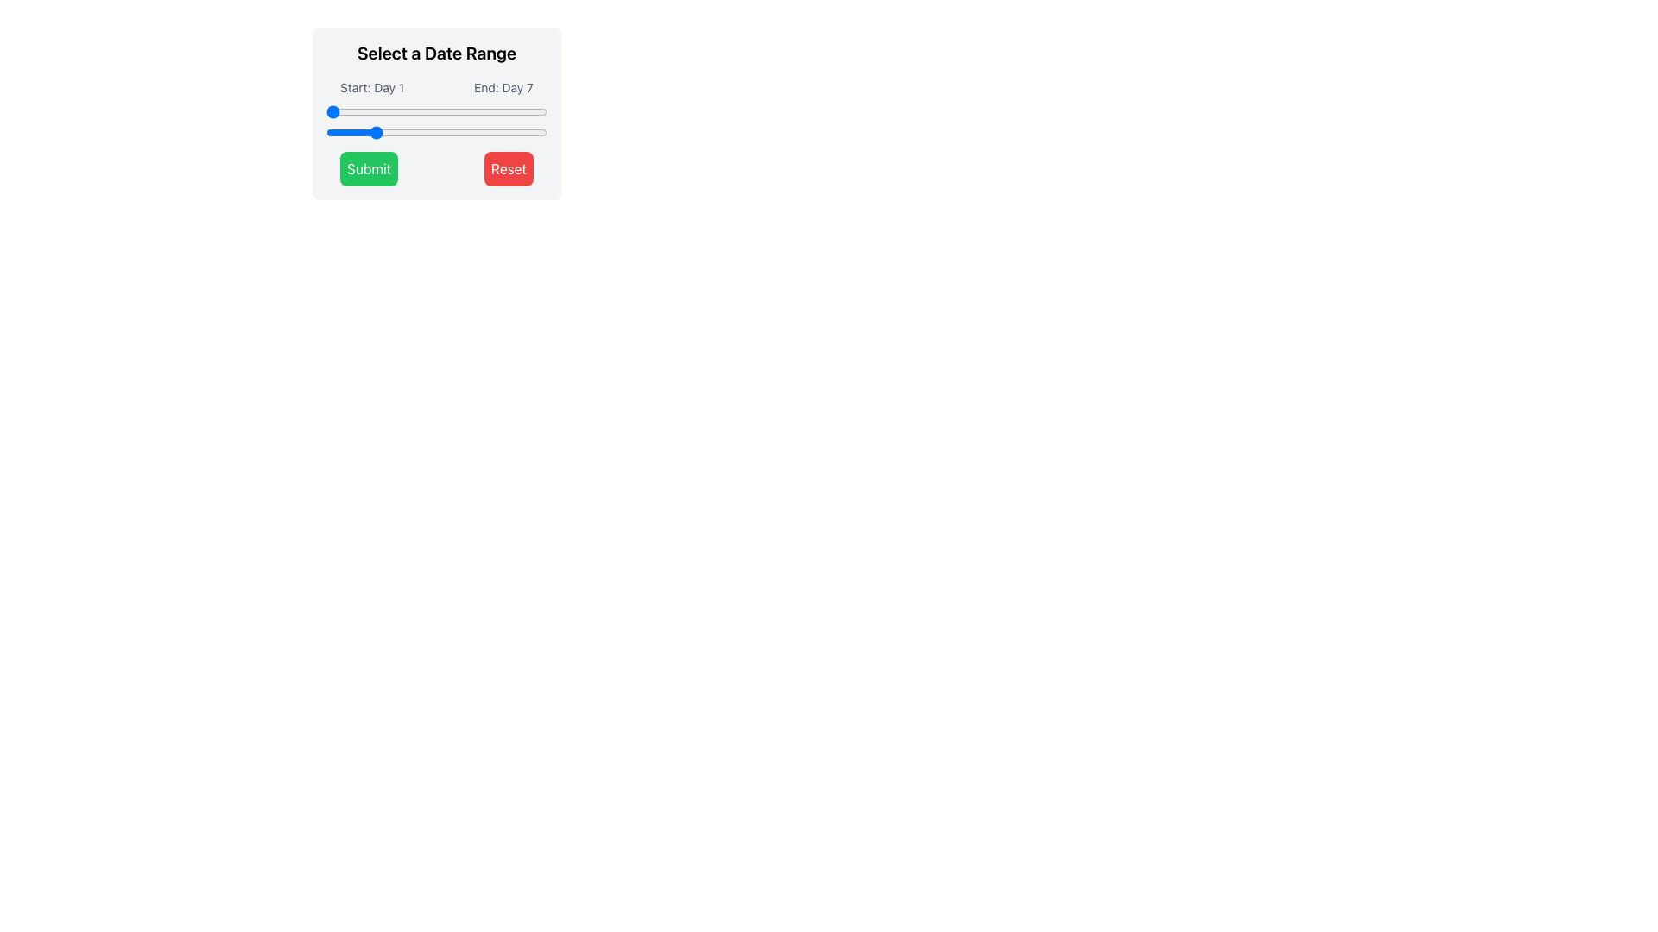 The width and height of the screenshot is (1658, 932). What do you see at coordinates (368, 169) in the screenshot?
I see `the 'Submit' button with a green background and white text` at bounding box center [368, 169].